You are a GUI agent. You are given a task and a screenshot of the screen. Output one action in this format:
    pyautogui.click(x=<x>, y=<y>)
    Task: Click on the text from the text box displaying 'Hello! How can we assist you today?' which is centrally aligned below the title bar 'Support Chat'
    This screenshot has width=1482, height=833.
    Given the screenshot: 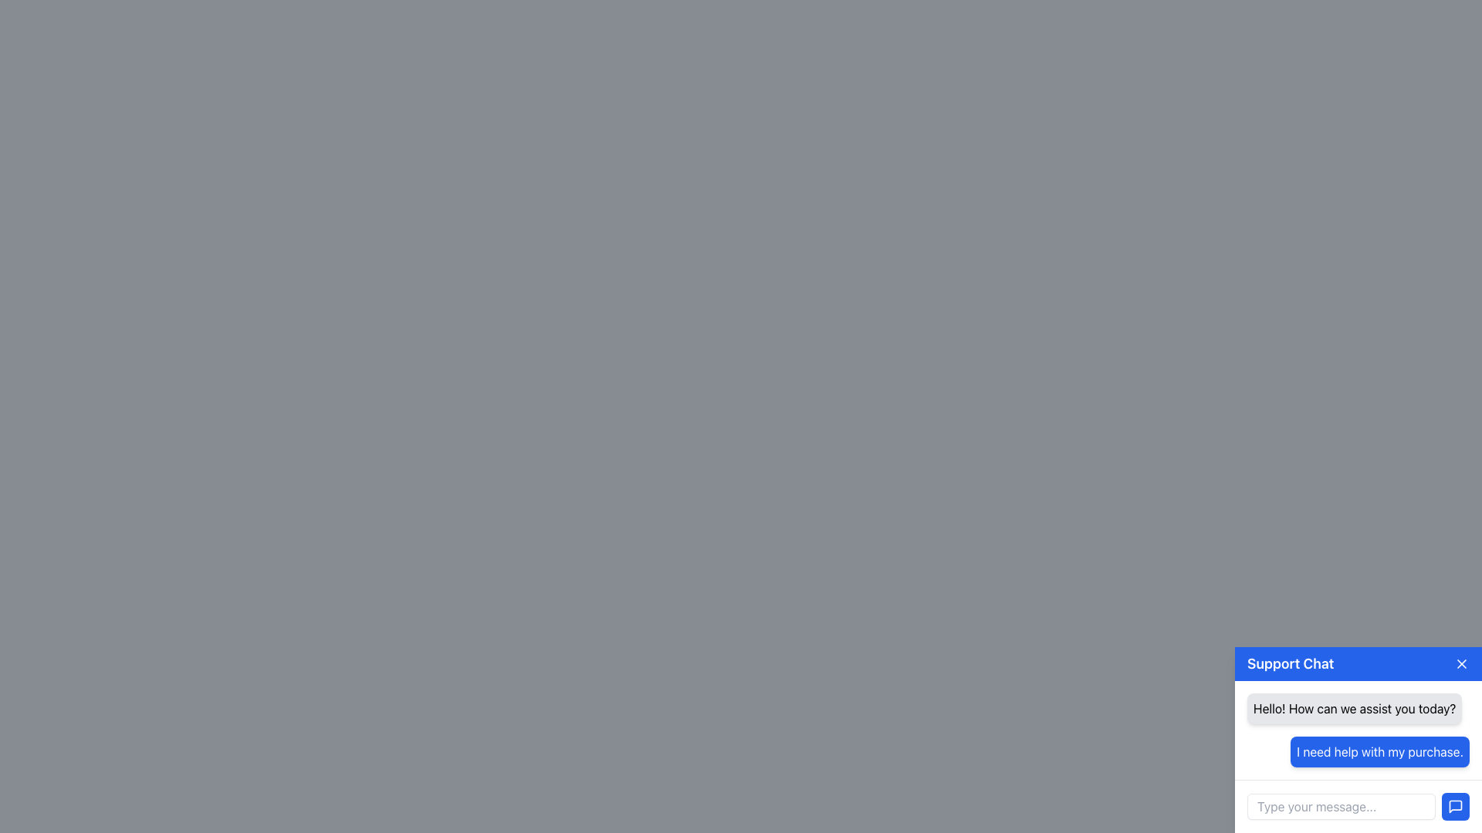 What is the action you would take?
    pyautogui.click(x=1354, y=708)
    